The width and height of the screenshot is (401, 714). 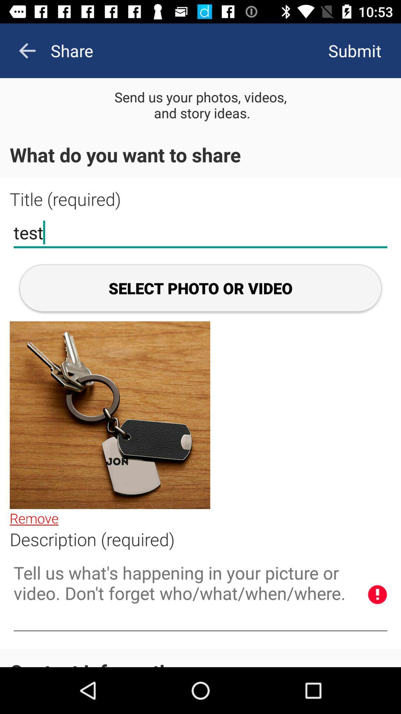 I want to click on description area, so click(x=200, y=595).